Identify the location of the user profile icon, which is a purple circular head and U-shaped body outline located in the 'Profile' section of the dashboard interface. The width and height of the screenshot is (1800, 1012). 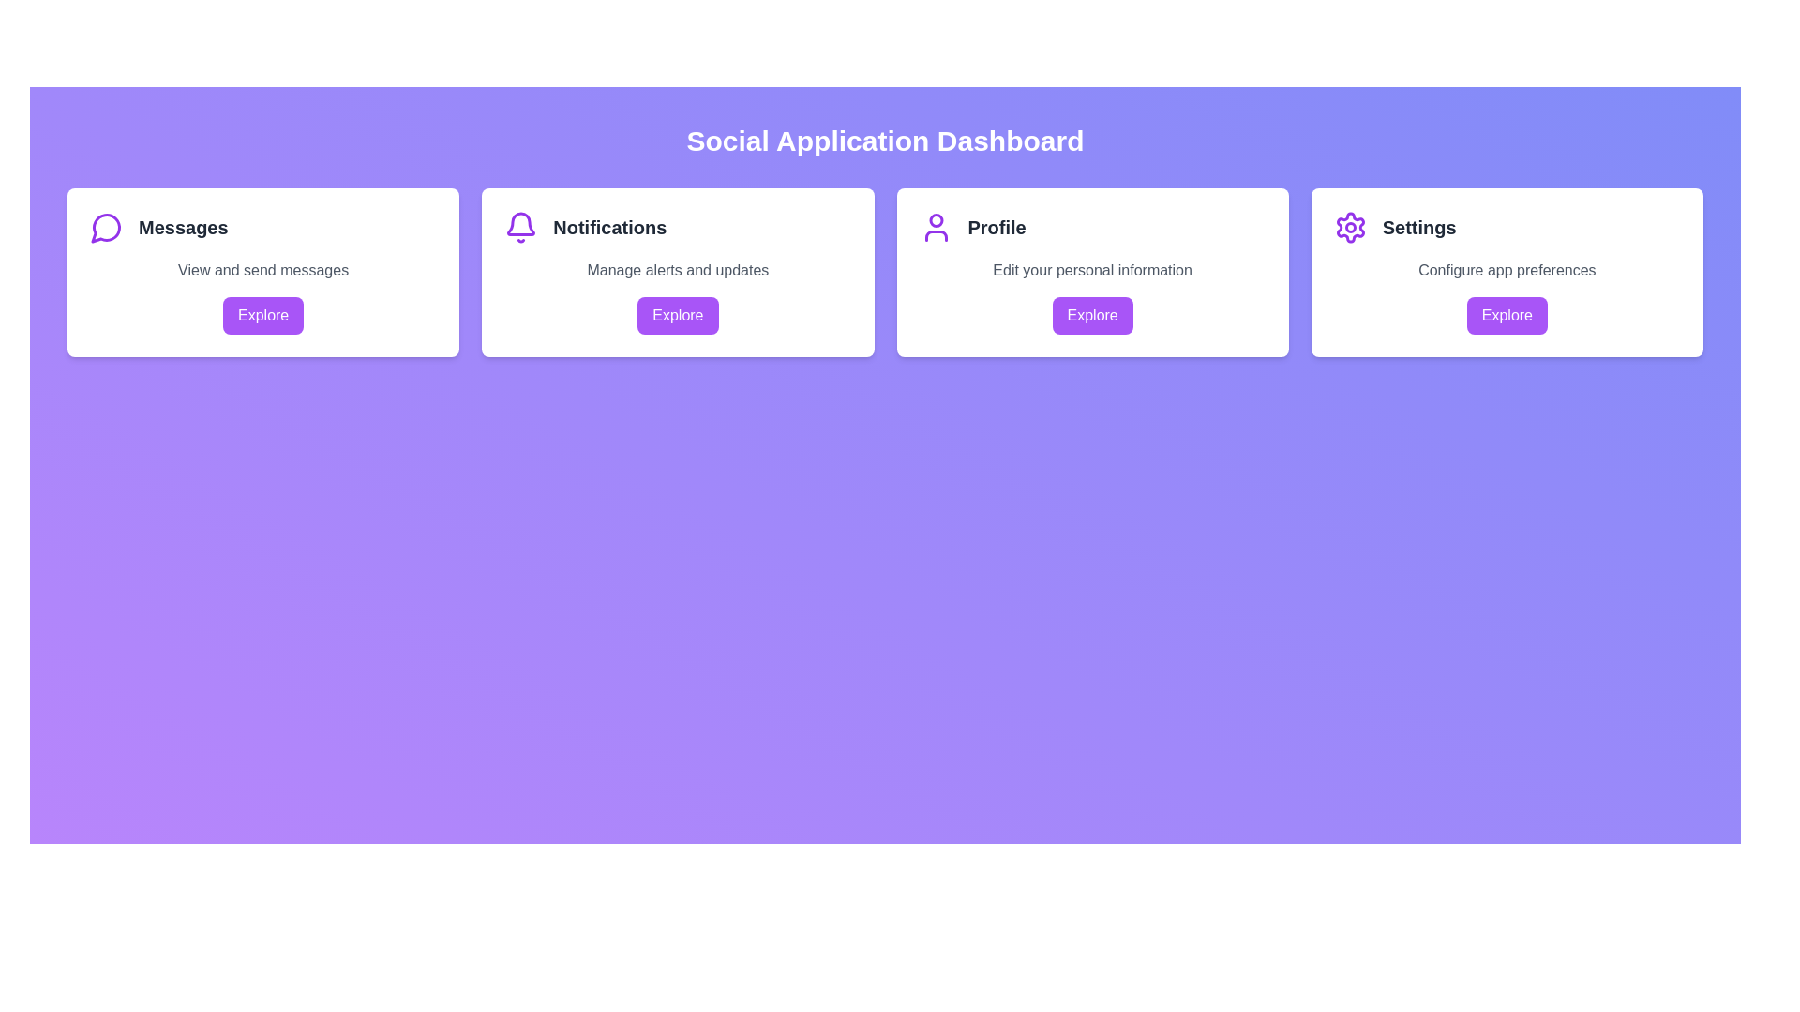
(936, 227).